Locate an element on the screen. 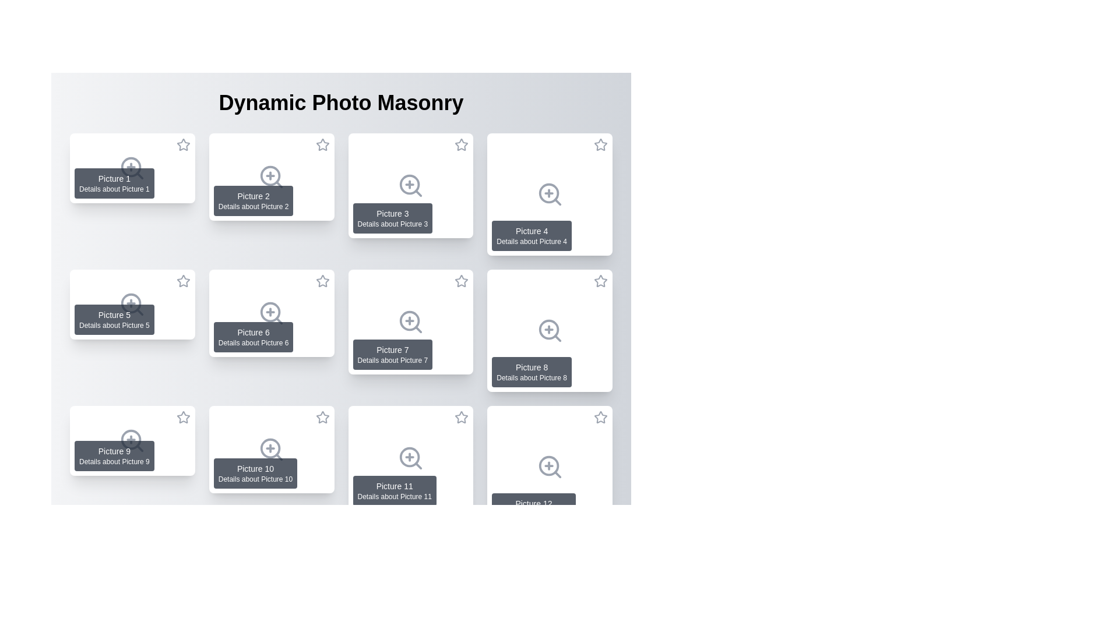  the star icon located at the top-right of the card displaying 'Picture 7' to interact with it is located at coordinates (461, 281).